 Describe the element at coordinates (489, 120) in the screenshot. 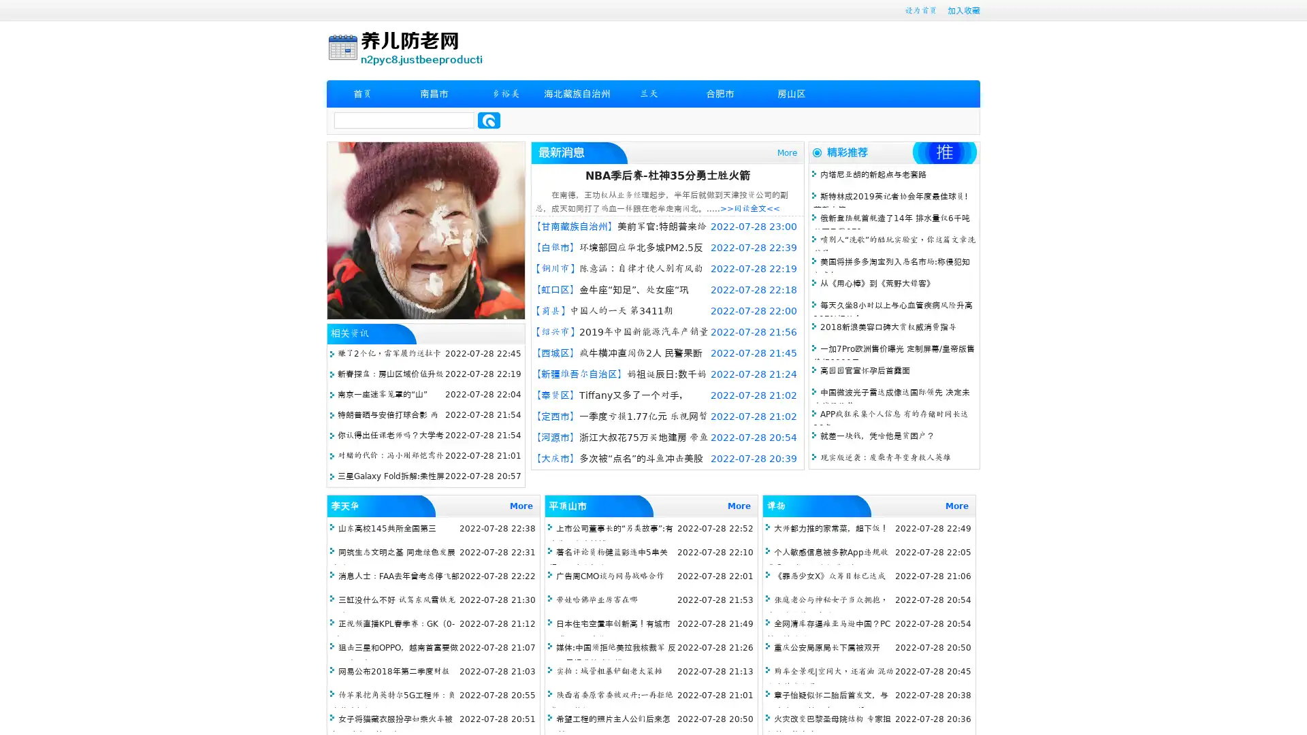

I see `Search` at that location.